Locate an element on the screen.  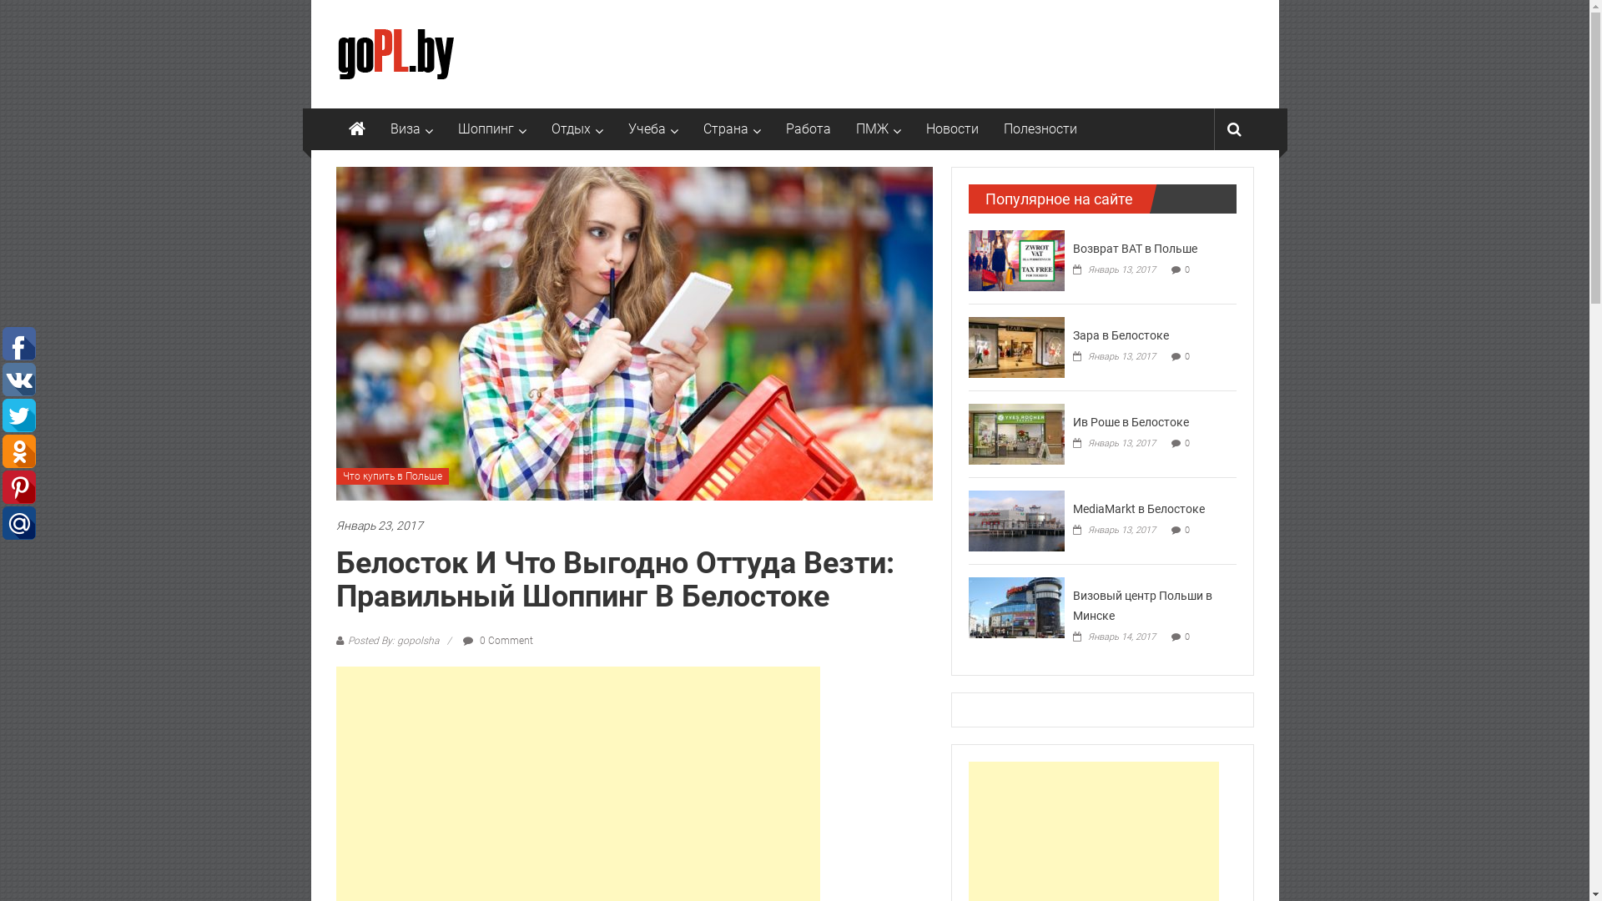
'0' is located at coordinates (1184, 355).